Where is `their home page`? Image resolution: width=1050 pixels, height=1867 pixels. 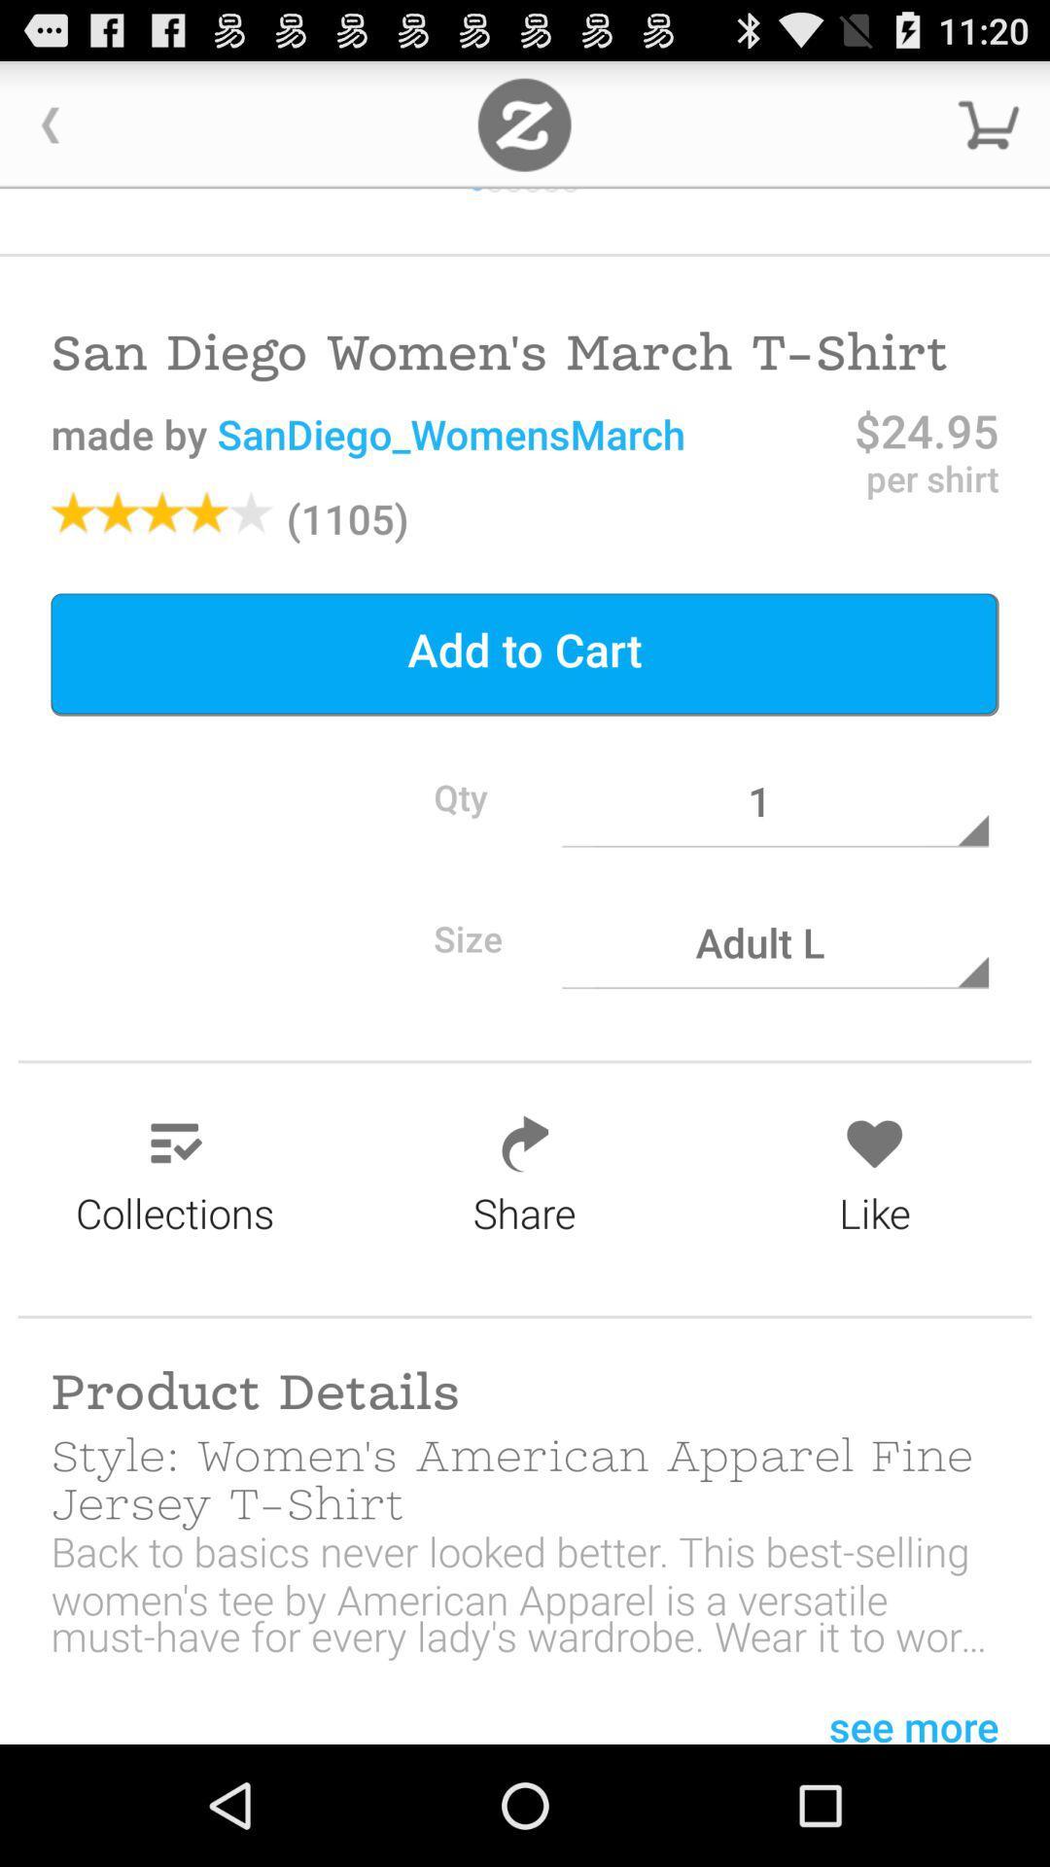 their home page is located at coordinates (523, 123).